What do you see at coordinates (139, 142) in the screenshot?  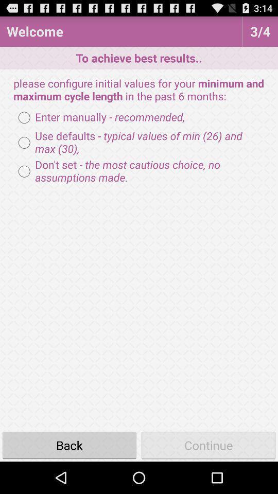 I see `icon above don t set` at bounding box center [139, 142].